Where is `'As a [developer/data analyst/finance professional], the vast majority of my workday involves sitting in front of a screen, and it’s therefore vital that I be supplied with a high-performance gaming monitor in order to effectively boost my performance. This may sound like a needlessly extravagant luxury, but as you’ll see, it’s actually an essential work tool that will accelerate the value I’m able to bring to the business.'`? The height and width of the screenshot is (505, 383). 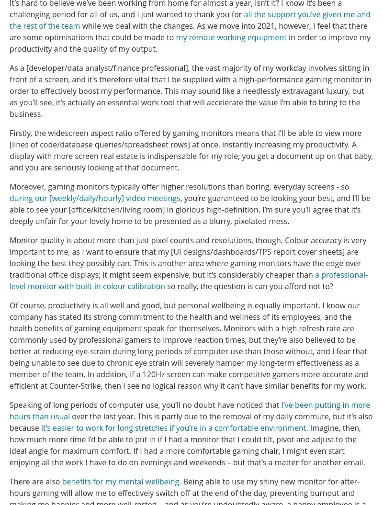 'As a [developer/data analyst/finance professional], the vast majority of my workday involves sitting in front of a screen, and it’s therefore vital that I be supplied with a high-performance gaming monitor in order to effectively boost my performance. This may sound like a needlessly extravagant luxury, but as you’ll see, it’s actually an essential work tool that will accelerate the value I’m able to bring to the business.' is located at coordinates (190, 90).